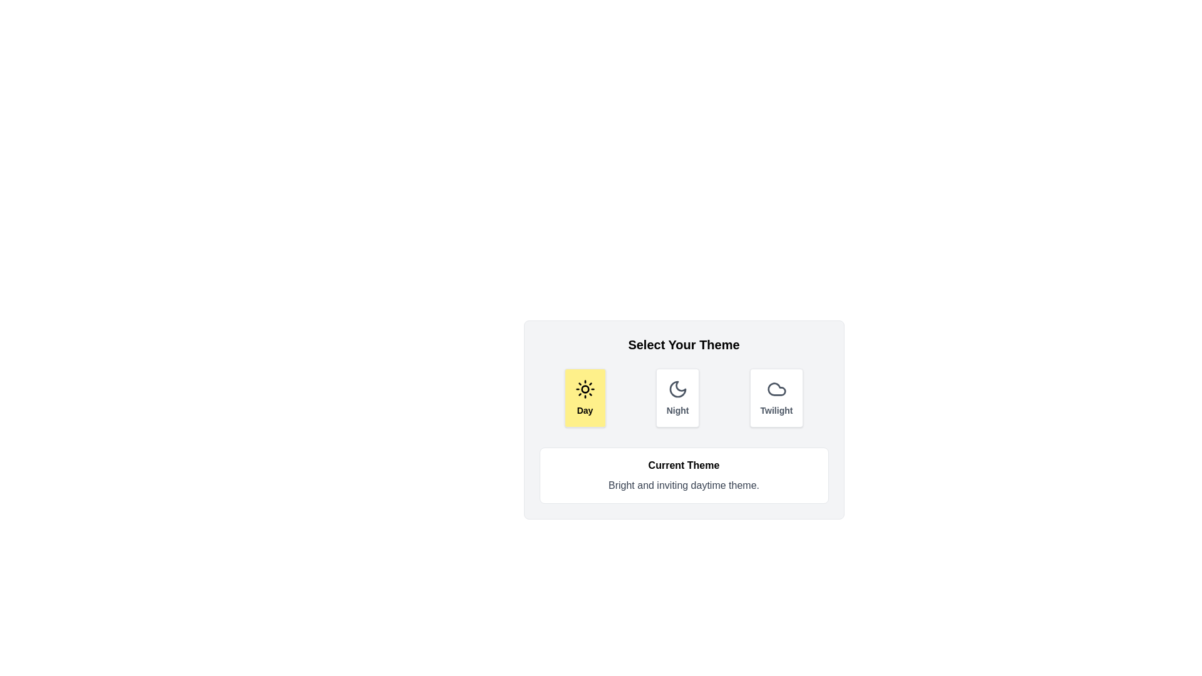 Image resolution: width=1202 pixels, height=676 pixels. What do you see at coordinates (584, 398) in the screenshot?
I see `the theme button corresponding to Day` at bounding box center [584, 398].